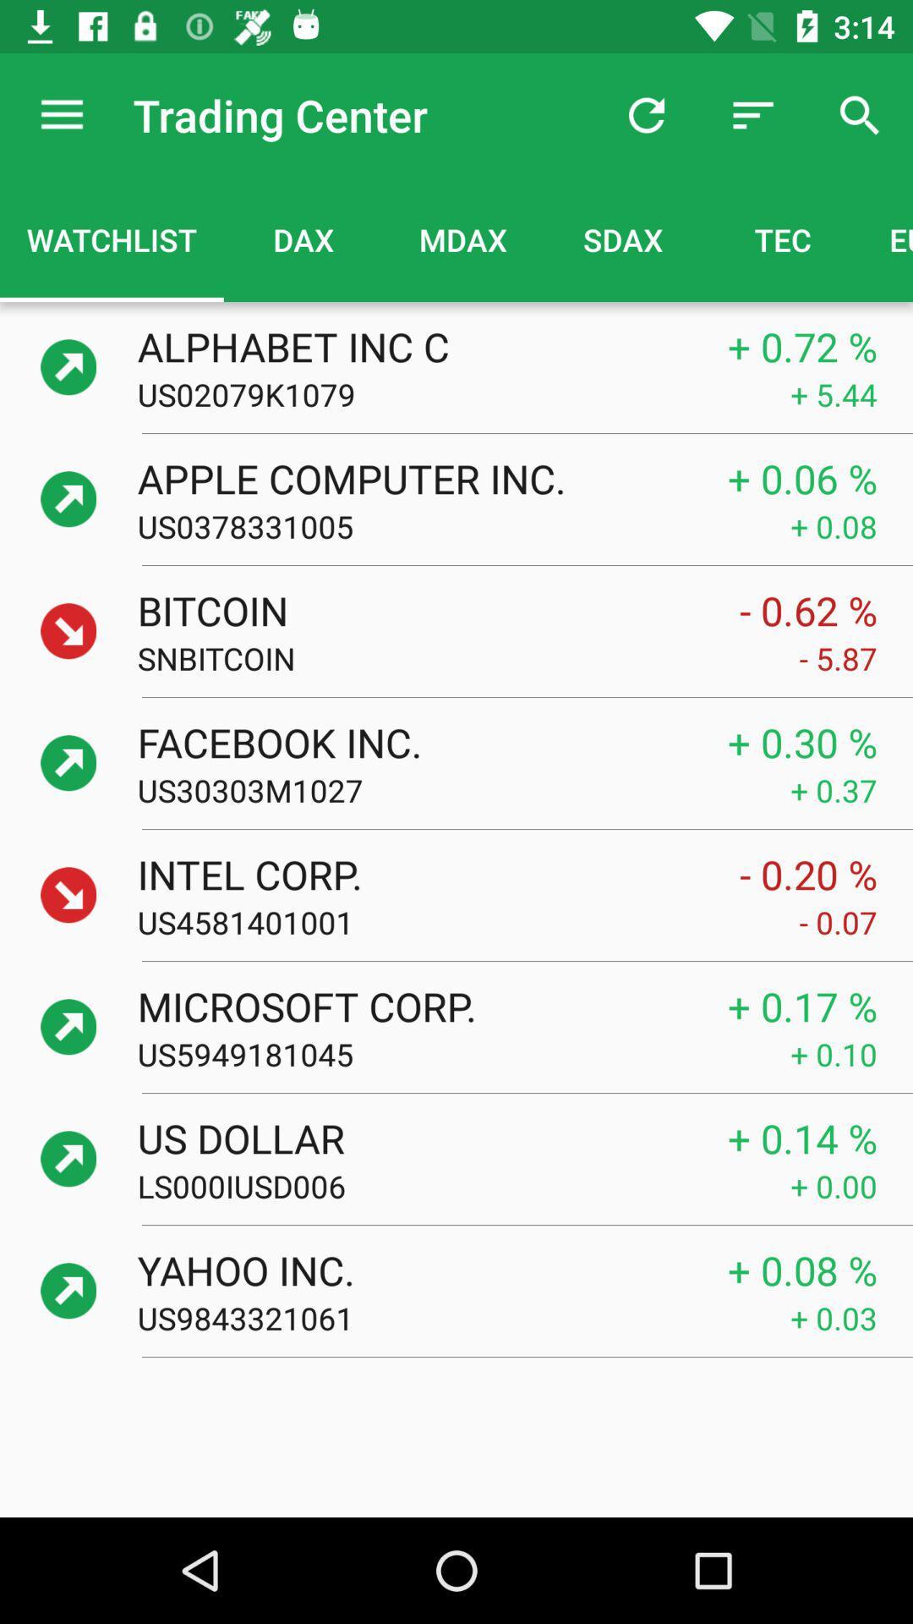 This screenshot has height=1624, width=913. What do you see at coordinates (463, 393) in the screenshot?
I see `the item above the apple computer inc.` at bounding box center [463, 393].